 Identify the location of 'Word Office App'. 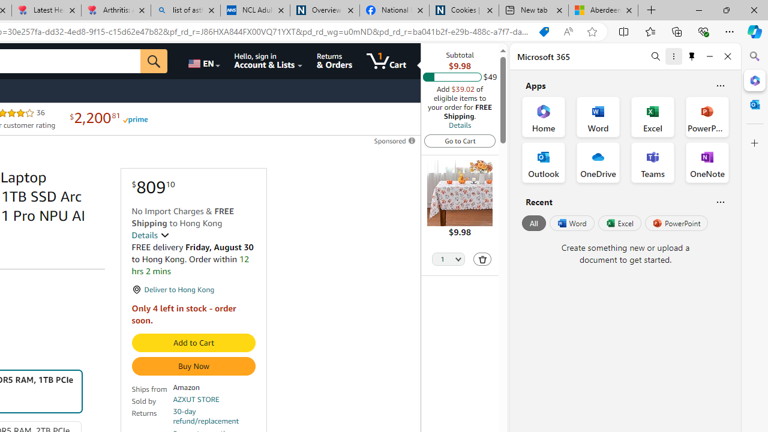
(598, 117).